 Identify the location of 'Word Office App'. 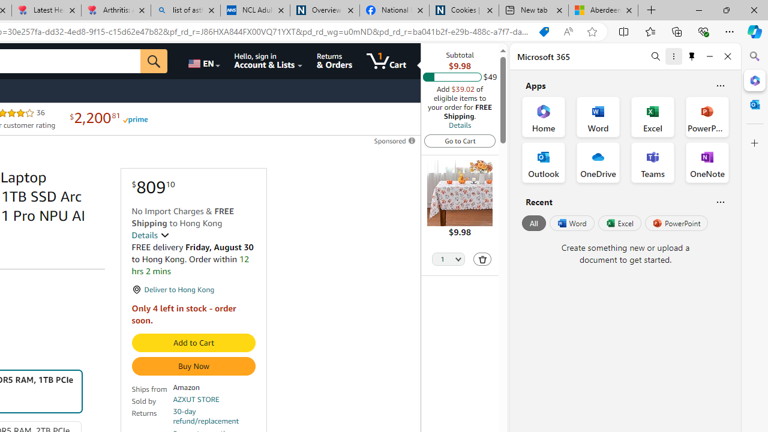
(598, 117).